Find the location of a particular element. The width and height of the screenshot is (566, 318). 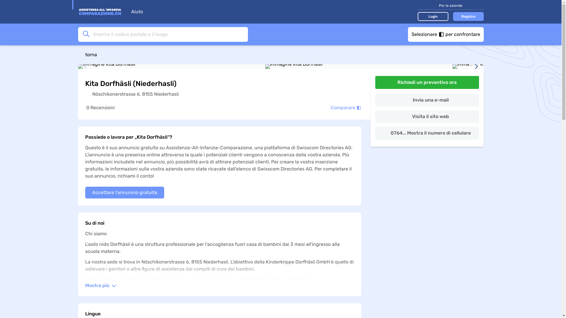

'immagine successiva' is located at coordinates (474, 66).